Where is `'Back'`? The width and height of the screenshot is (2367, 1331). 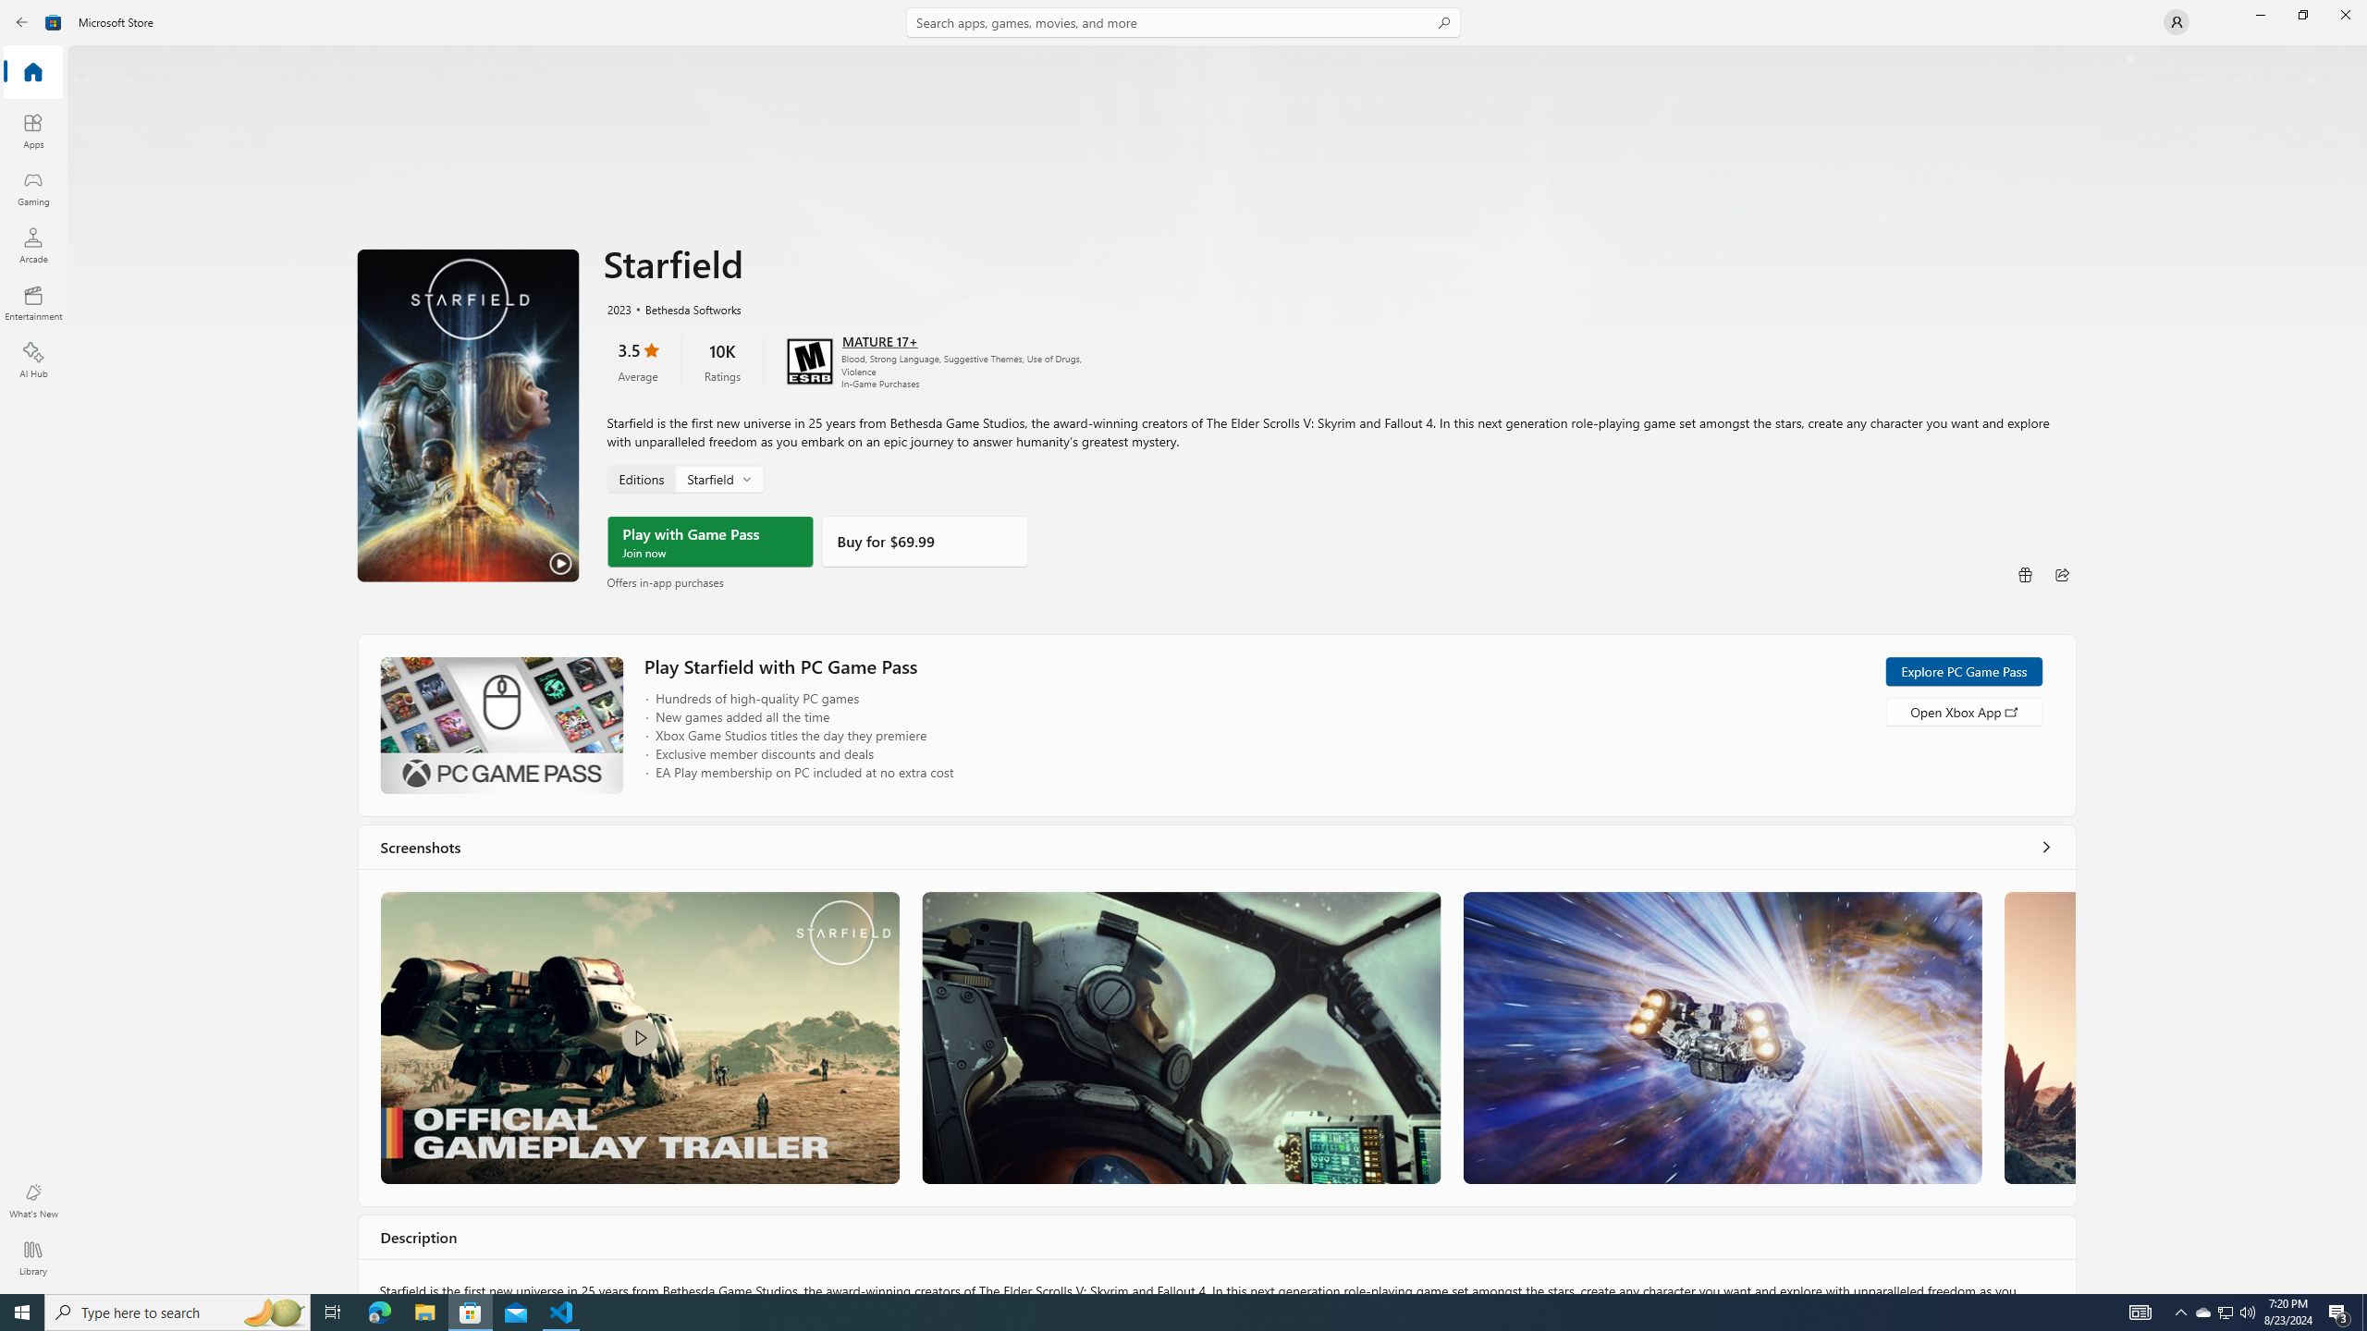 'Back' is located at coordinates (22, 20).